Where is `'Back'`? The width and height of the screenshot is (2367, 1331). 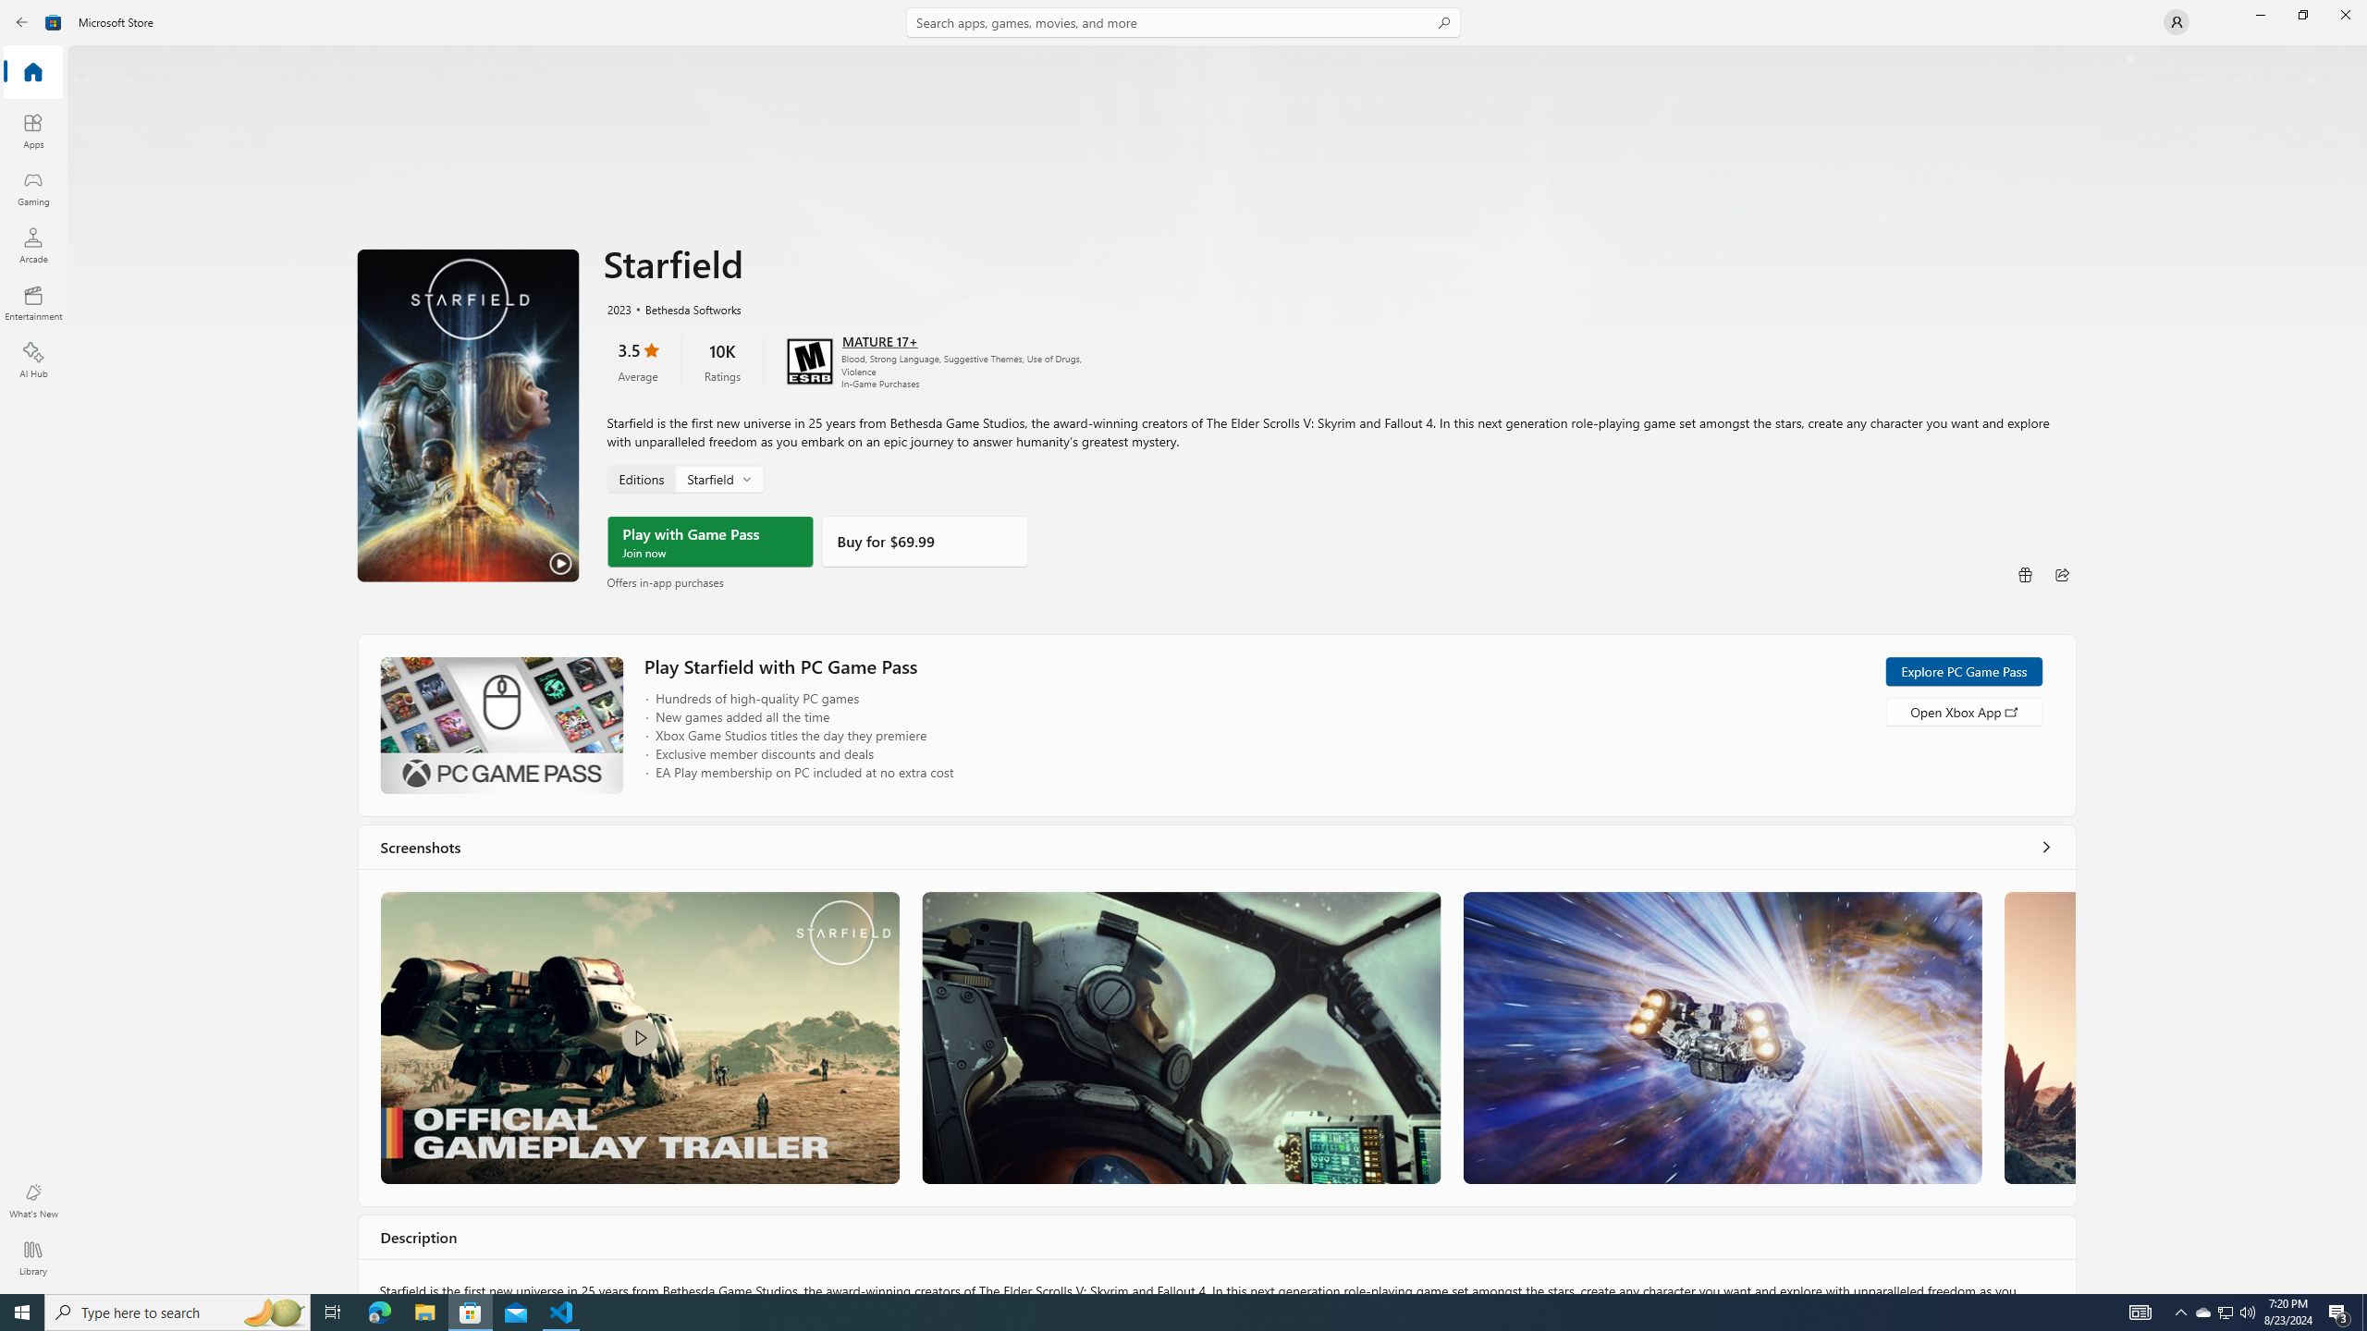 'Back' is located at coordinates (22, 20).